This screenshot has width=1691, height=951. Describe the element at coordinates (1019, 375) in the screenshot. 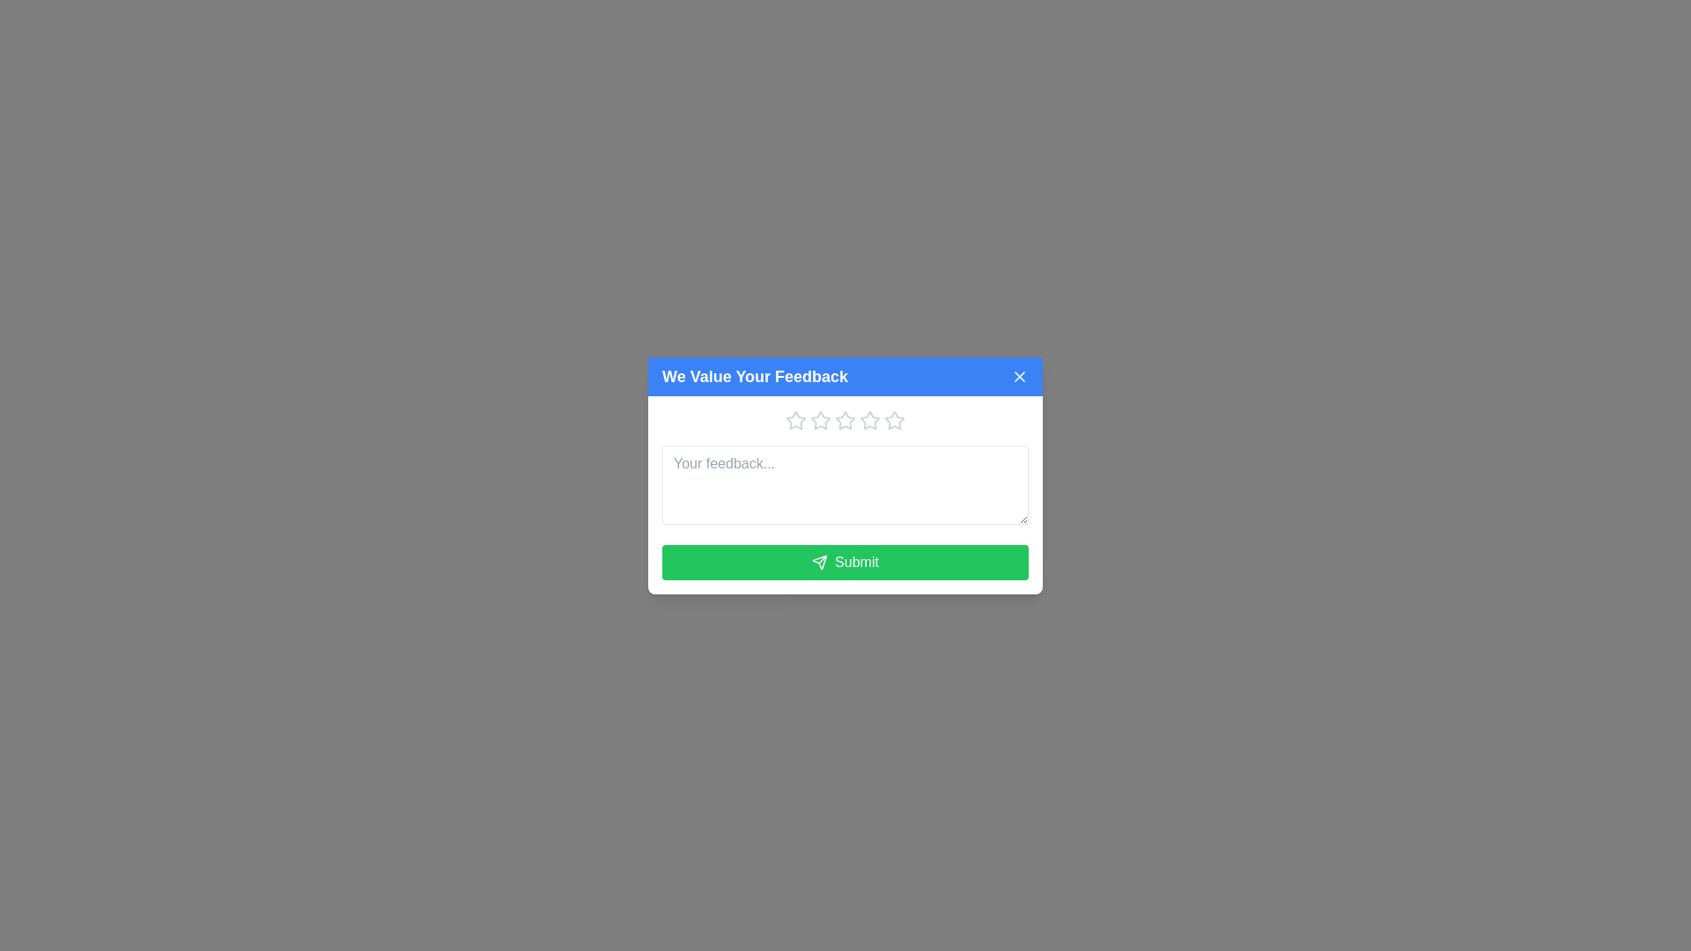

I see `the 'close' button located in the top-right corner of the feedback modal, adjacent to the text 'We Value Your Feedback'` at that location.